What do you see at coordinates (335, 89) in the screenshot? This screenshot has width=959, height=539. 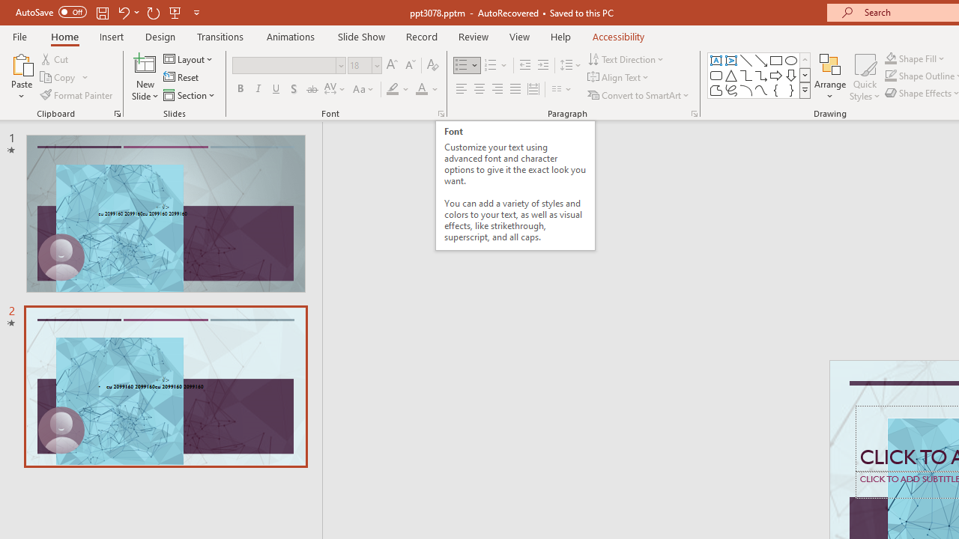 I see `'Character Spacing'` at bounding box center [335, 89].